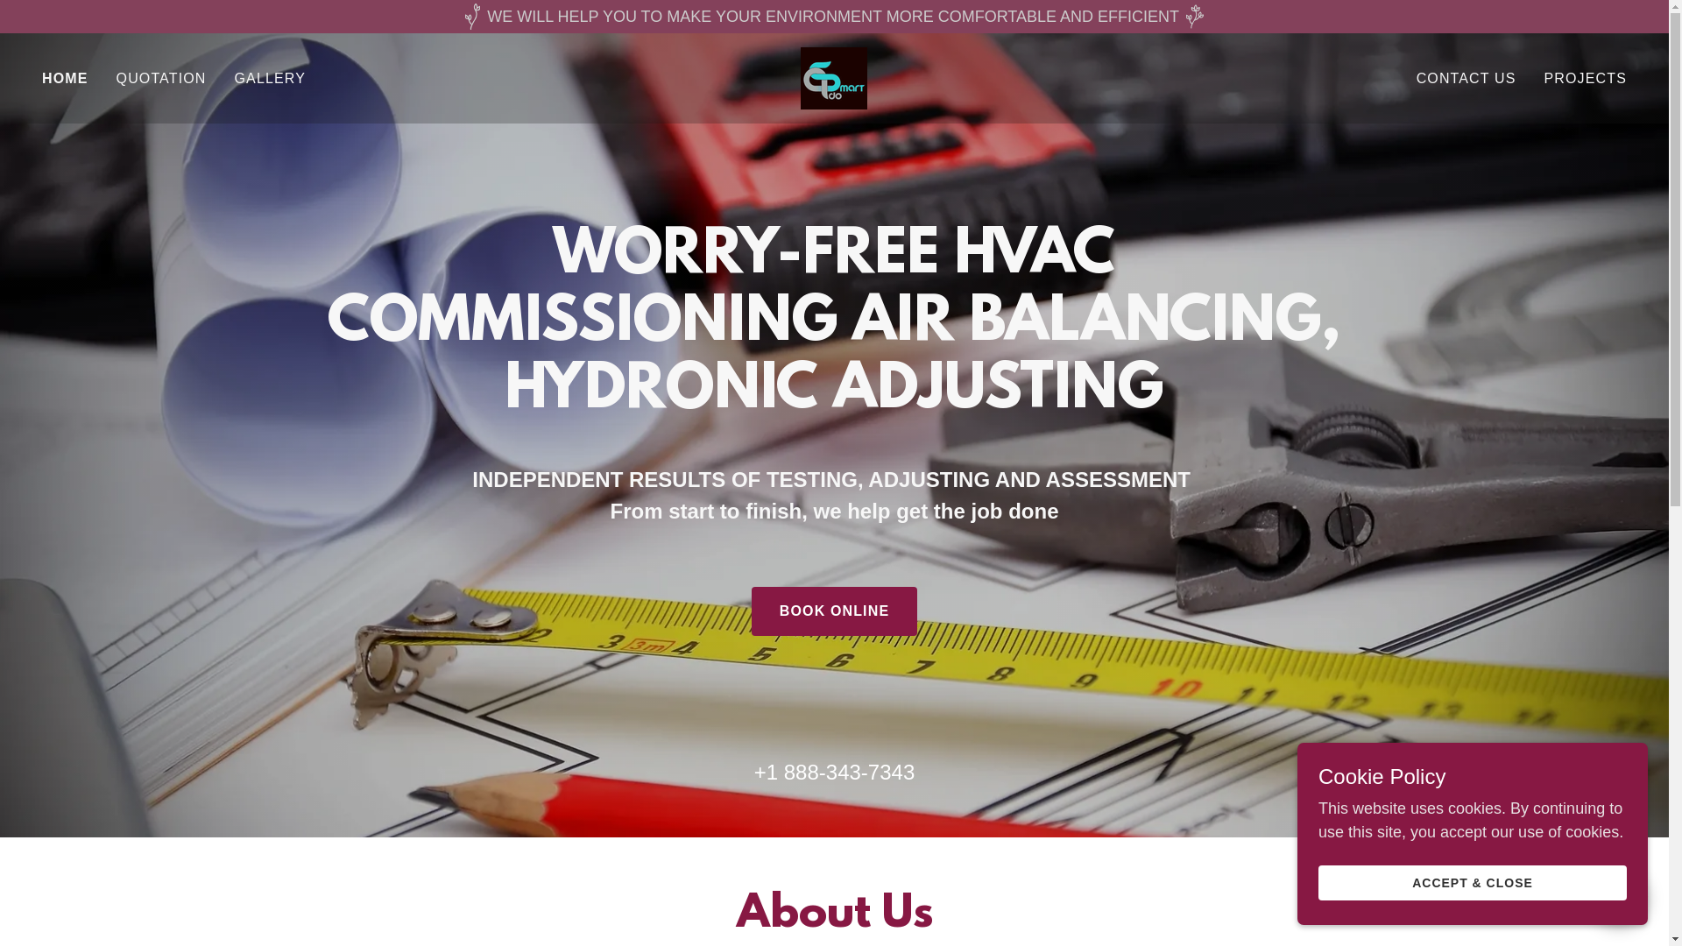 This screenshot has height=946, width=1682. Describe the element at coordinates (110, 77) in the screenshot. I see `'QUOTATION'` at that location.